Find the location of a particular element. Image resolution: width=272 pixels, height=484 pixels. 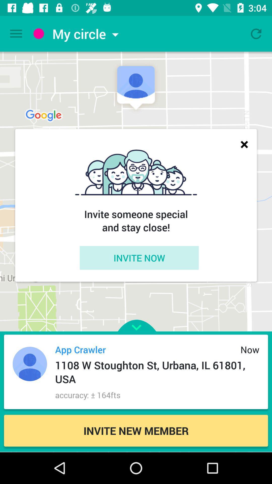

refresh circle is located at coordinates (256, 33).